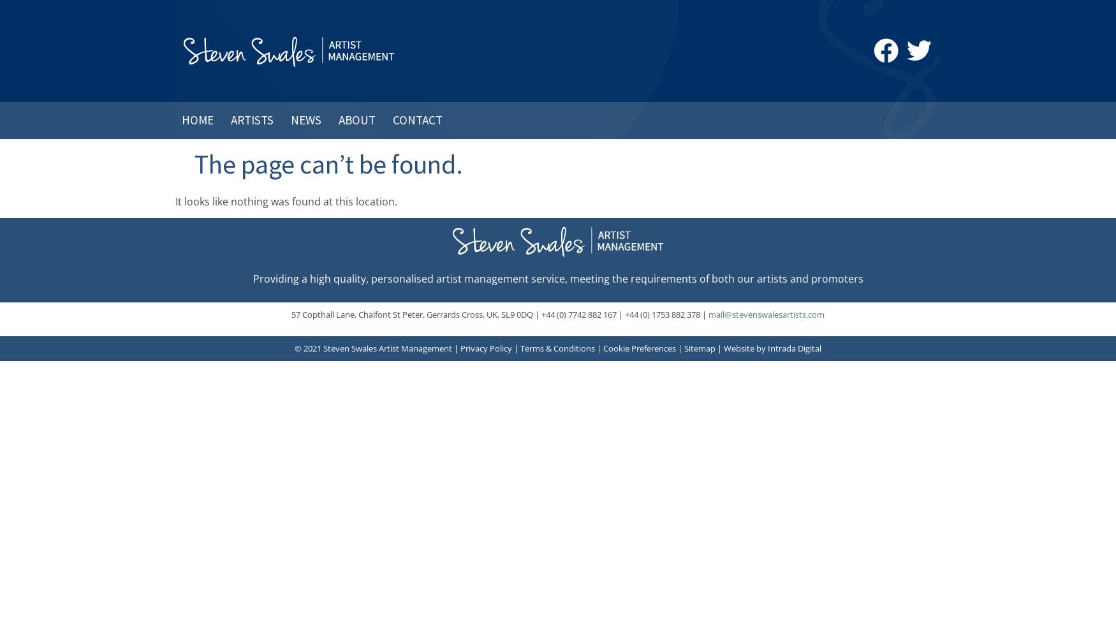 The image size is (1116, 638). Describe the element at coordinates (196, 120) in the screenshot. I see `'Home'` at that location.